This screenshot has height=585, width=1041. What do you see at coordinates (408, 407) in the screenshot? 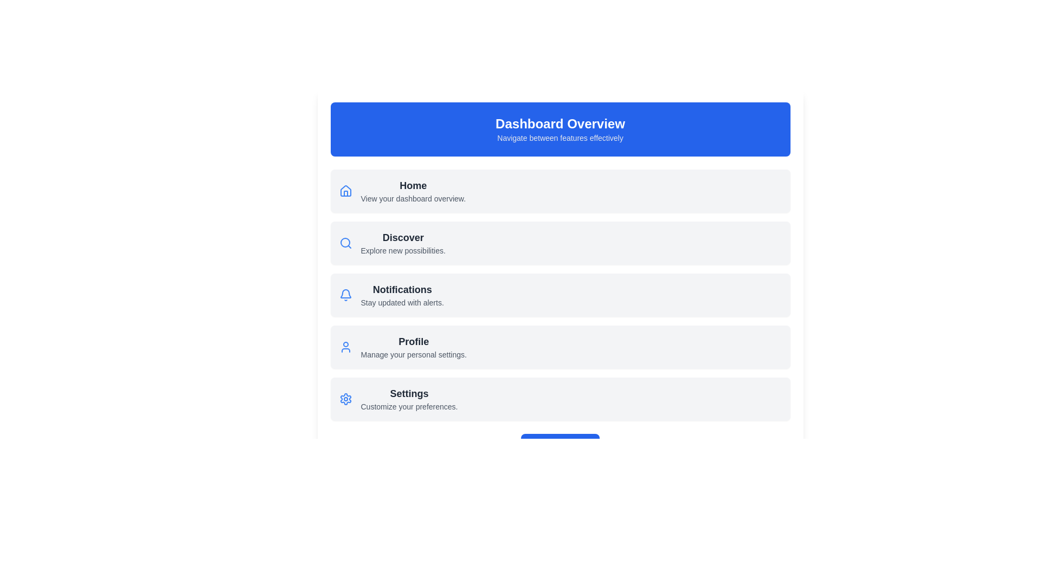
I see `the text label displaying 'Customize your preferences.' which is located below the 'Settings' title in the right section of the interface` at bounding box center [408, 407].